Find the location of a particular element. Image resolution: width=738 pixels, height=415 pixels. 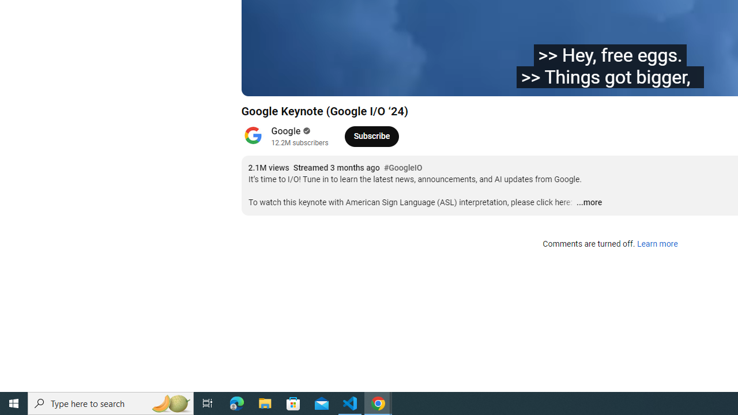

'Learn more' is located at coordinates (657, 244).